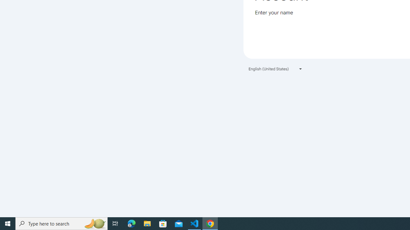 Image resolution: width=410 pixels, height=230 pixels. Describe the element at coordinates (275, 69) in the screenshot. I see `'English (United States)'` at that location.